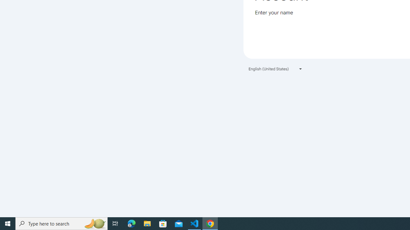 Image resolution: width=410 pixels, height=230 pixels. Describe the element at coordinates (275, 69) in the screenshot. I see `'English (United States)'` at that location.